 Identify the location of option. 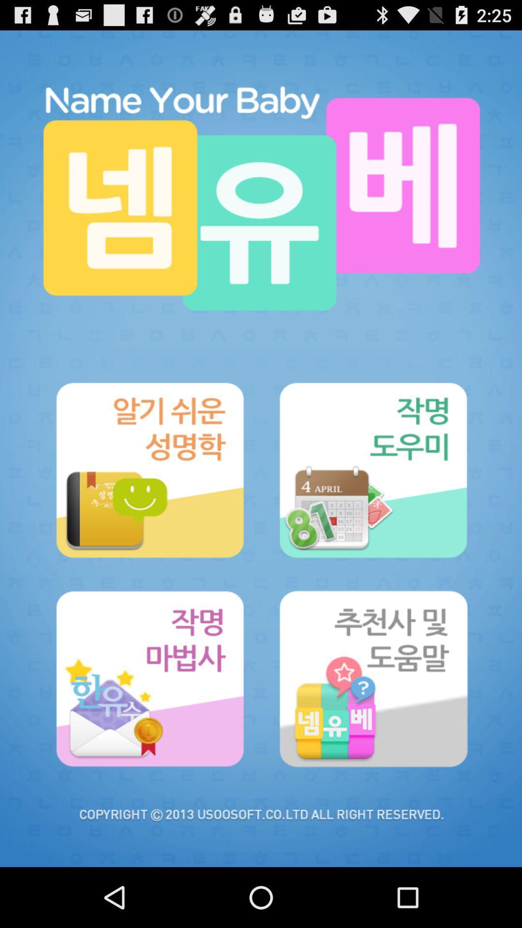
(372, 470).